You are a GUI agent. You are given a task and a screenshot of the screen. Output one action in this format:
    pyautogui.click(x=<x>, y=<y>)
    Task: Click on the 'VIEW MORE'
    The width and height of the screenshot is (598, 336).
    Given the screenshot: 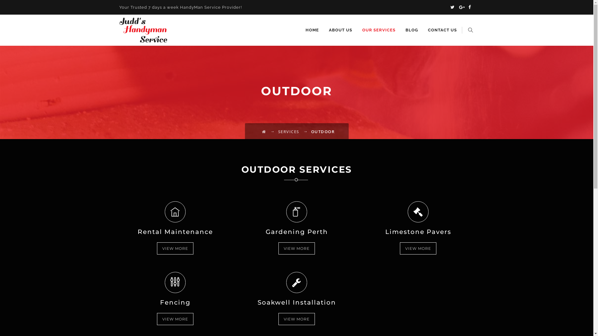 What is the action you would take?
    pyautogui.click(x=418, y=248)
    